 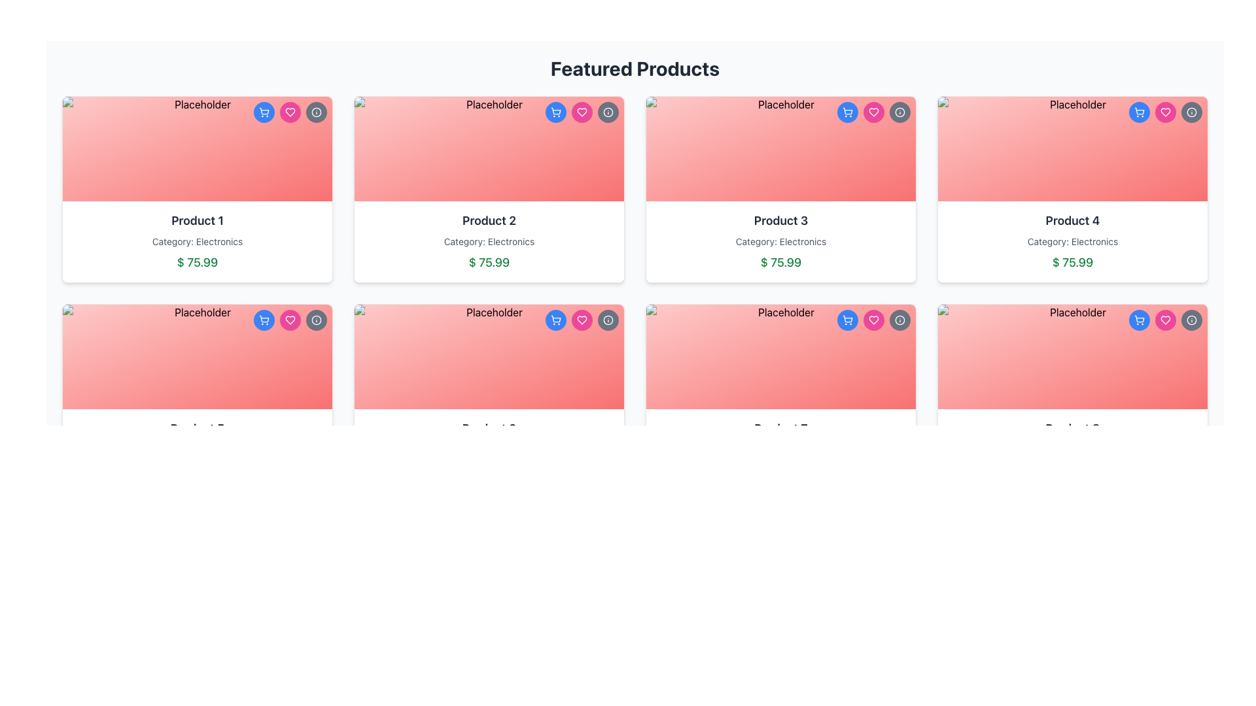 I want to click on the price tag displaying '$ 75.99' in green, bold font located at the bottom of the first product card under the 'Category: Electronics' label, so click(x=197, y=262).